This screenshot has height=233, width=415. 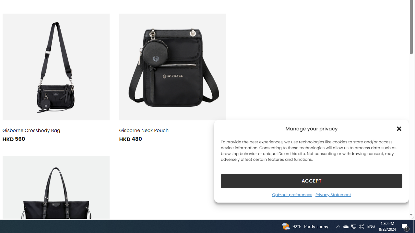 What do you see at coordinates (399, 128) in the screenshot?
I see `'Class: cmplz-close'` at bounding box center [399, 128].